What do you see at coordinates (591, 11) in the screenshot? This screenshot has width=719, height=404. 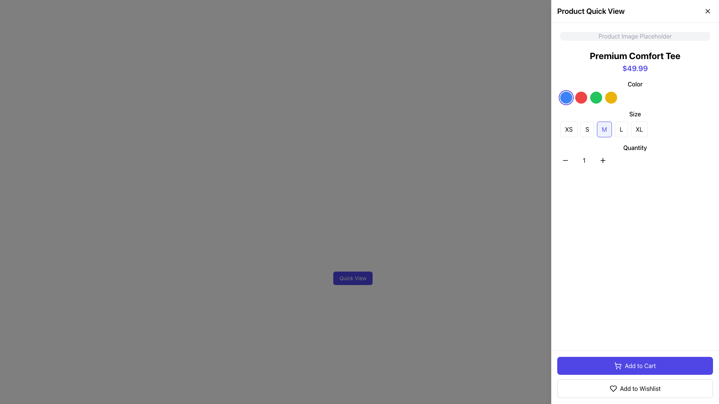 I see `the title text element located at the top-left of the side panel, which serves as a heading for the section` at bounding box center [591, 11].